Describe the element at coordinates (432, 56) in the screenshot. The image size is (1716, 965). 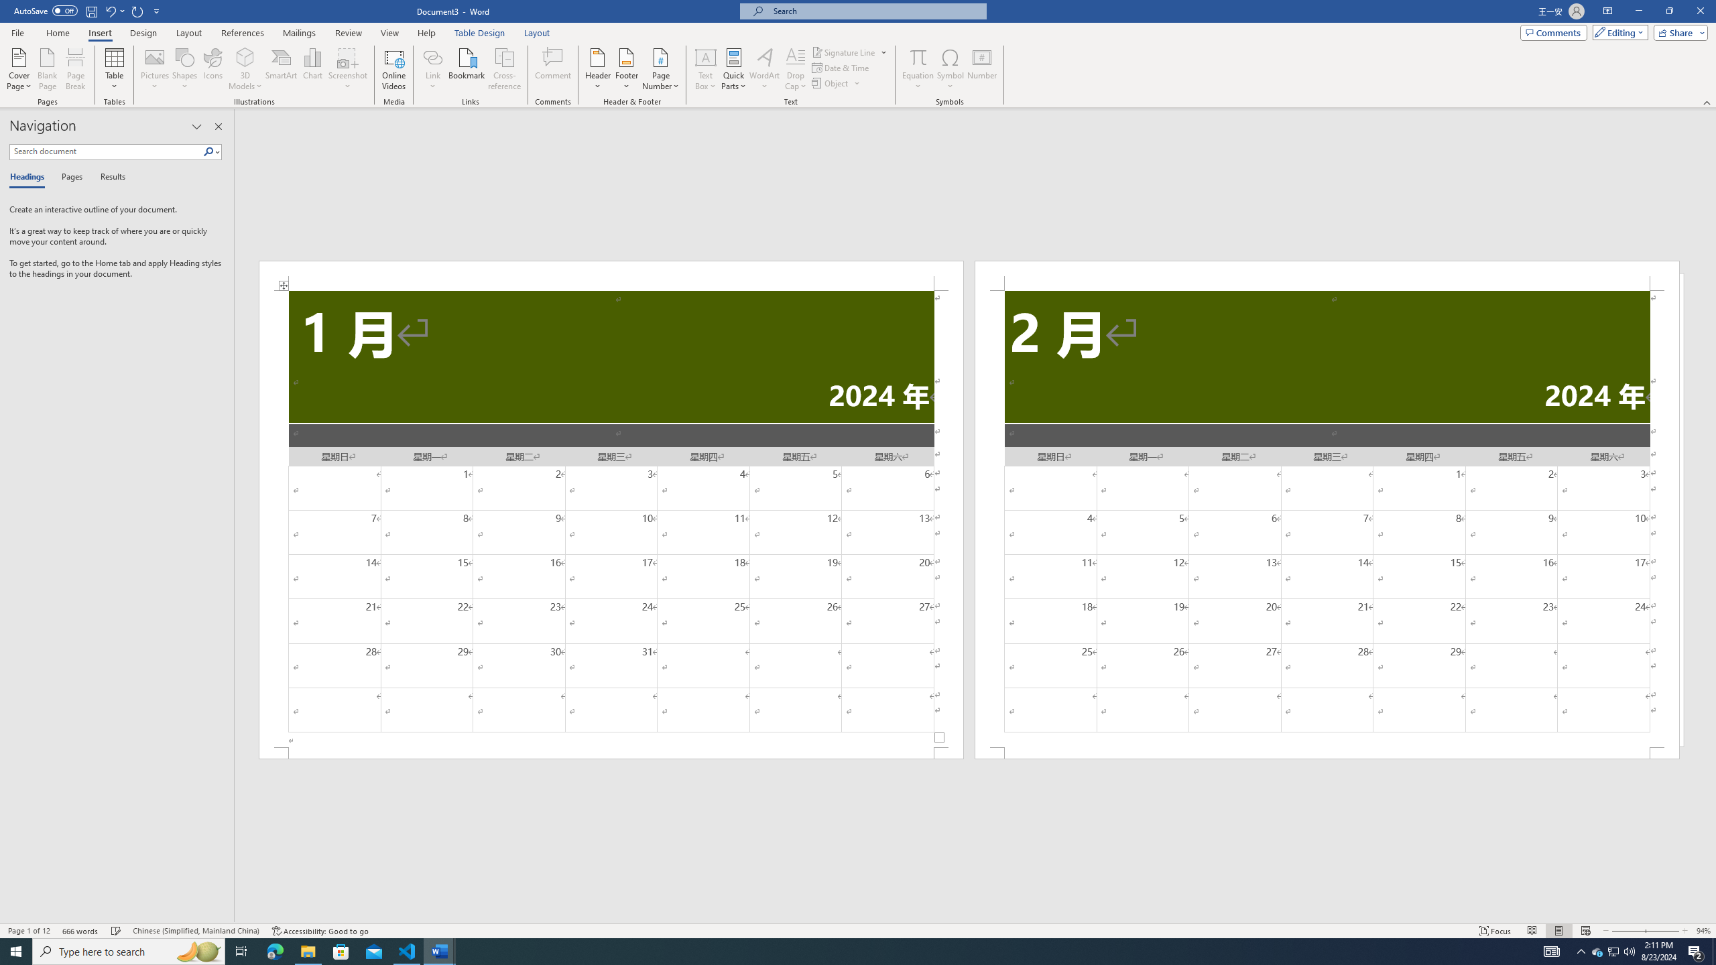
I see `'Link'` at that location.